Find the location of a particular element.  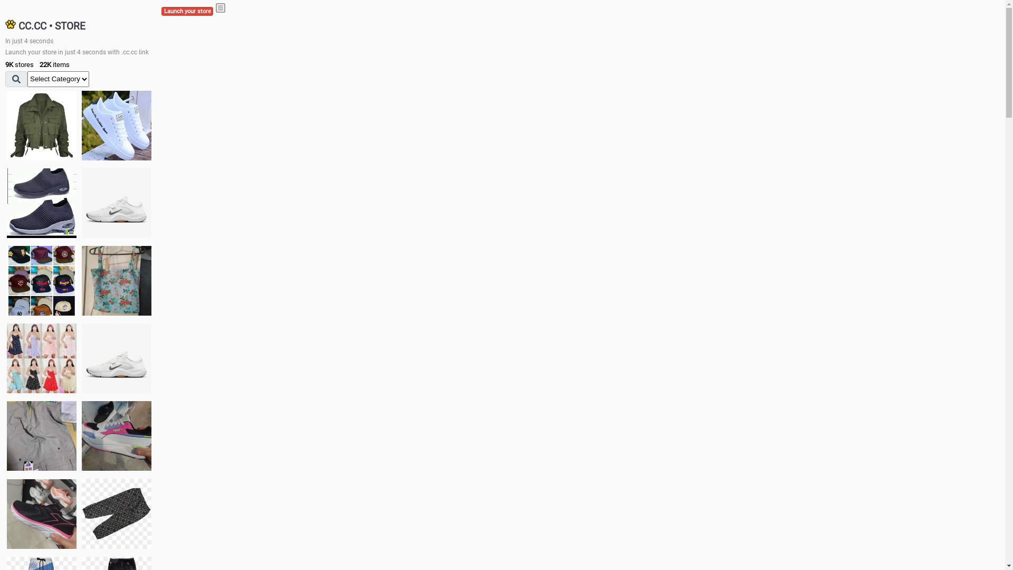

'Zapatillas pumas' is located at coordinates (81, 435).